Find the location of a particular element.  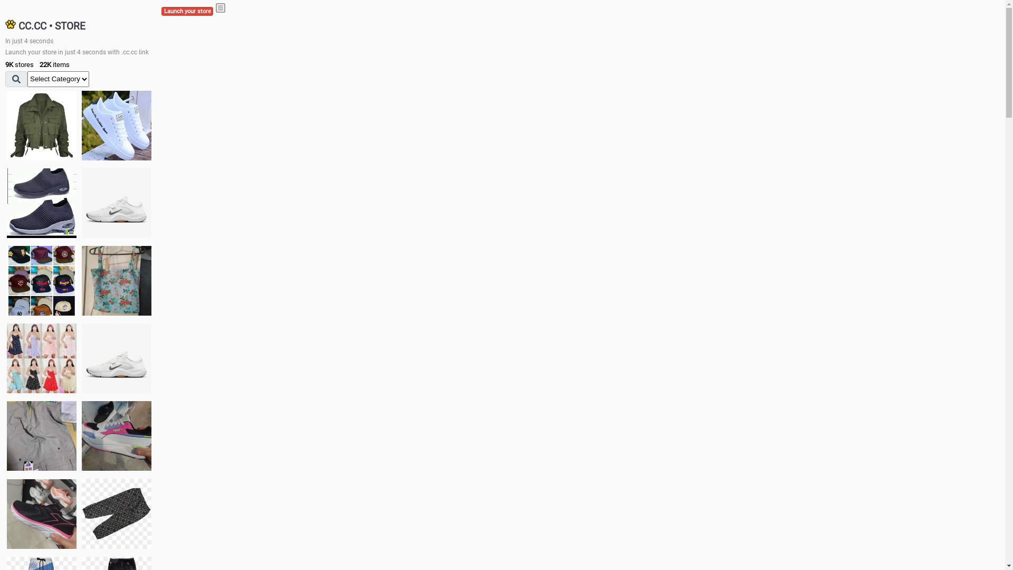

'Zapatillas pumas' is located at coordinates (81, 435).